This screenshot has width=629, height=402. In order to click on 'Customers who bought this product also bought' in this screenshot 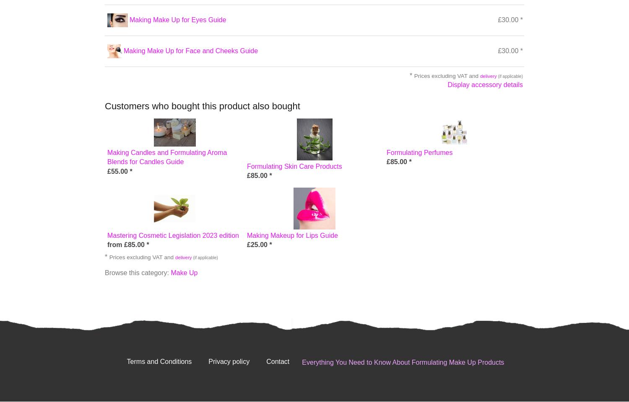, I will do `click(202, 105)`.